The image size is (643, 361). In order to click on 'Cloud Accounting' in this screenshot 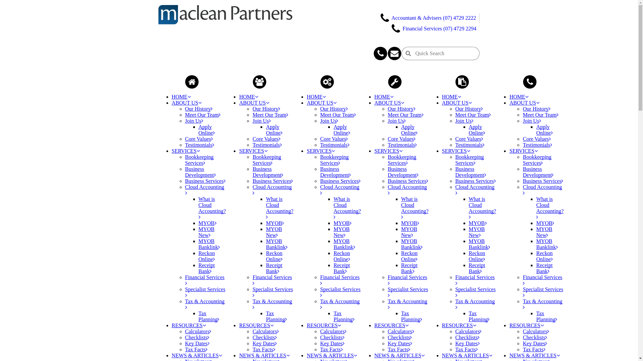, I will do `click(542, 190)`.